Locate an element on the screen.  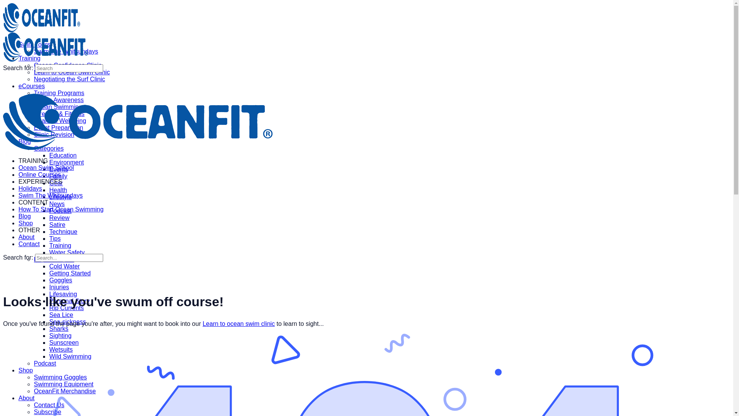
'Swim The Whitsundays' is located at coordinates (50, 195).